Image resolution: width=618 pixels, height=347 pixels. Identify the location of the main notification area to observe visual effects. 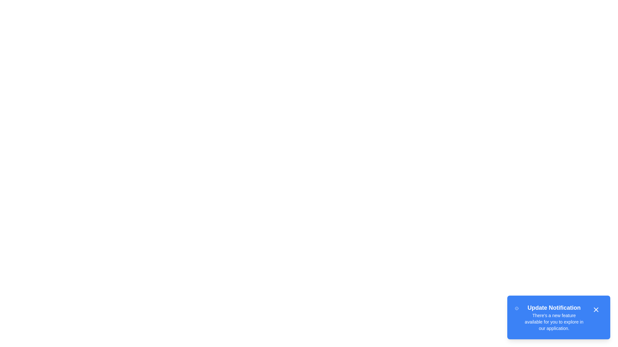
(558, 317).